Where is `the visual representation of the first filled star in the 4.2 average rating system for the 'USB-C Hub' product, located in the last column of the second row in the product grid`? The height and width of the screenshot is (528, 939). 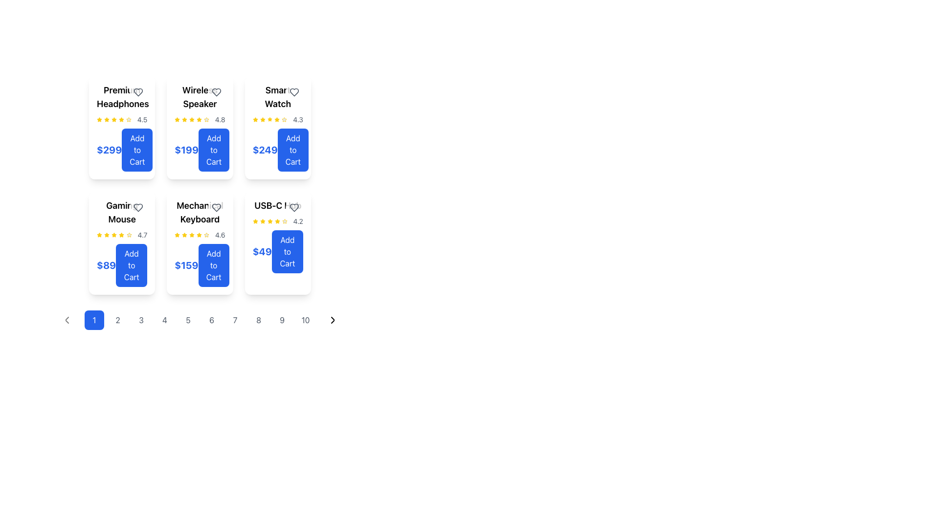
the visual representation of the first filled star in the 4.2 average rating system for the 'USB-C Hub' product, located in the last column of the second row in the product grid is located at coordinates (255, 221).